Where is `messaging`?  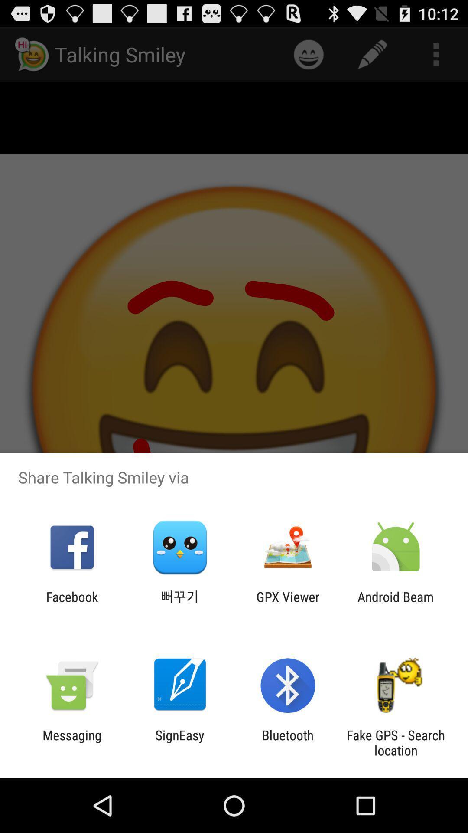 messaging is located at coordinates (71, 742).